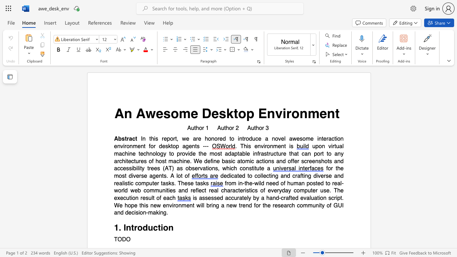 This screenshot has height=257, width=457. What do you see at coordinates (201, 183) in the screenshot?
I see `the 6th character "s" in the text` at bounding box center [201, 183].